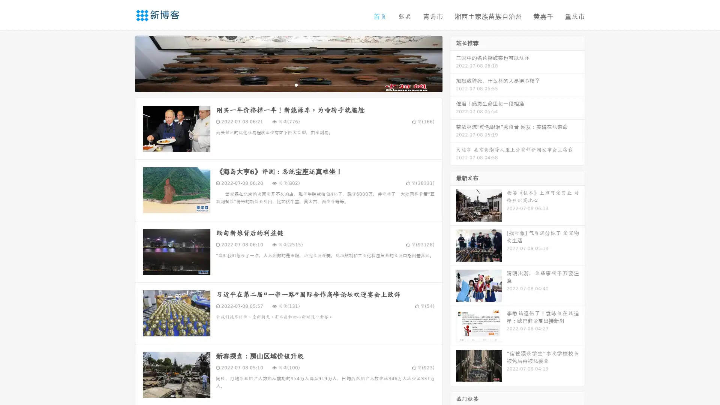 Image resolution: width=720 pixels, height=405 pixels. Describe the element at coordinates (288, 84) in the screenshot. I see `Go to slide 2` at that location.